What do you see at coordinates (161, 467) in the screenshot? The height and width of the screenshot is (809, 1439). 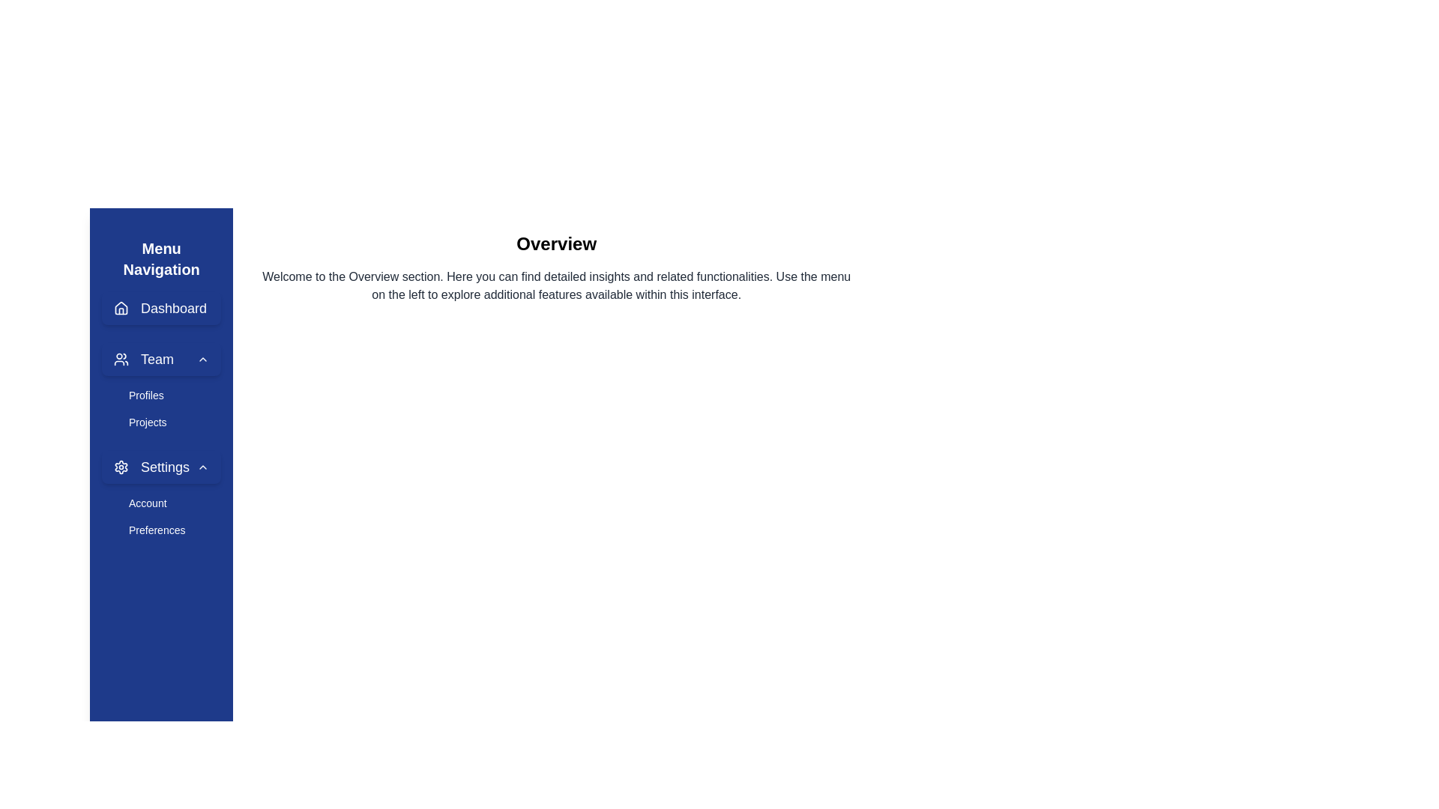 I see `the 'Settings' button in the sidebar navigation menu, which has a gear icon on the left and a chevron on the right` at bounding box center [161, 467].